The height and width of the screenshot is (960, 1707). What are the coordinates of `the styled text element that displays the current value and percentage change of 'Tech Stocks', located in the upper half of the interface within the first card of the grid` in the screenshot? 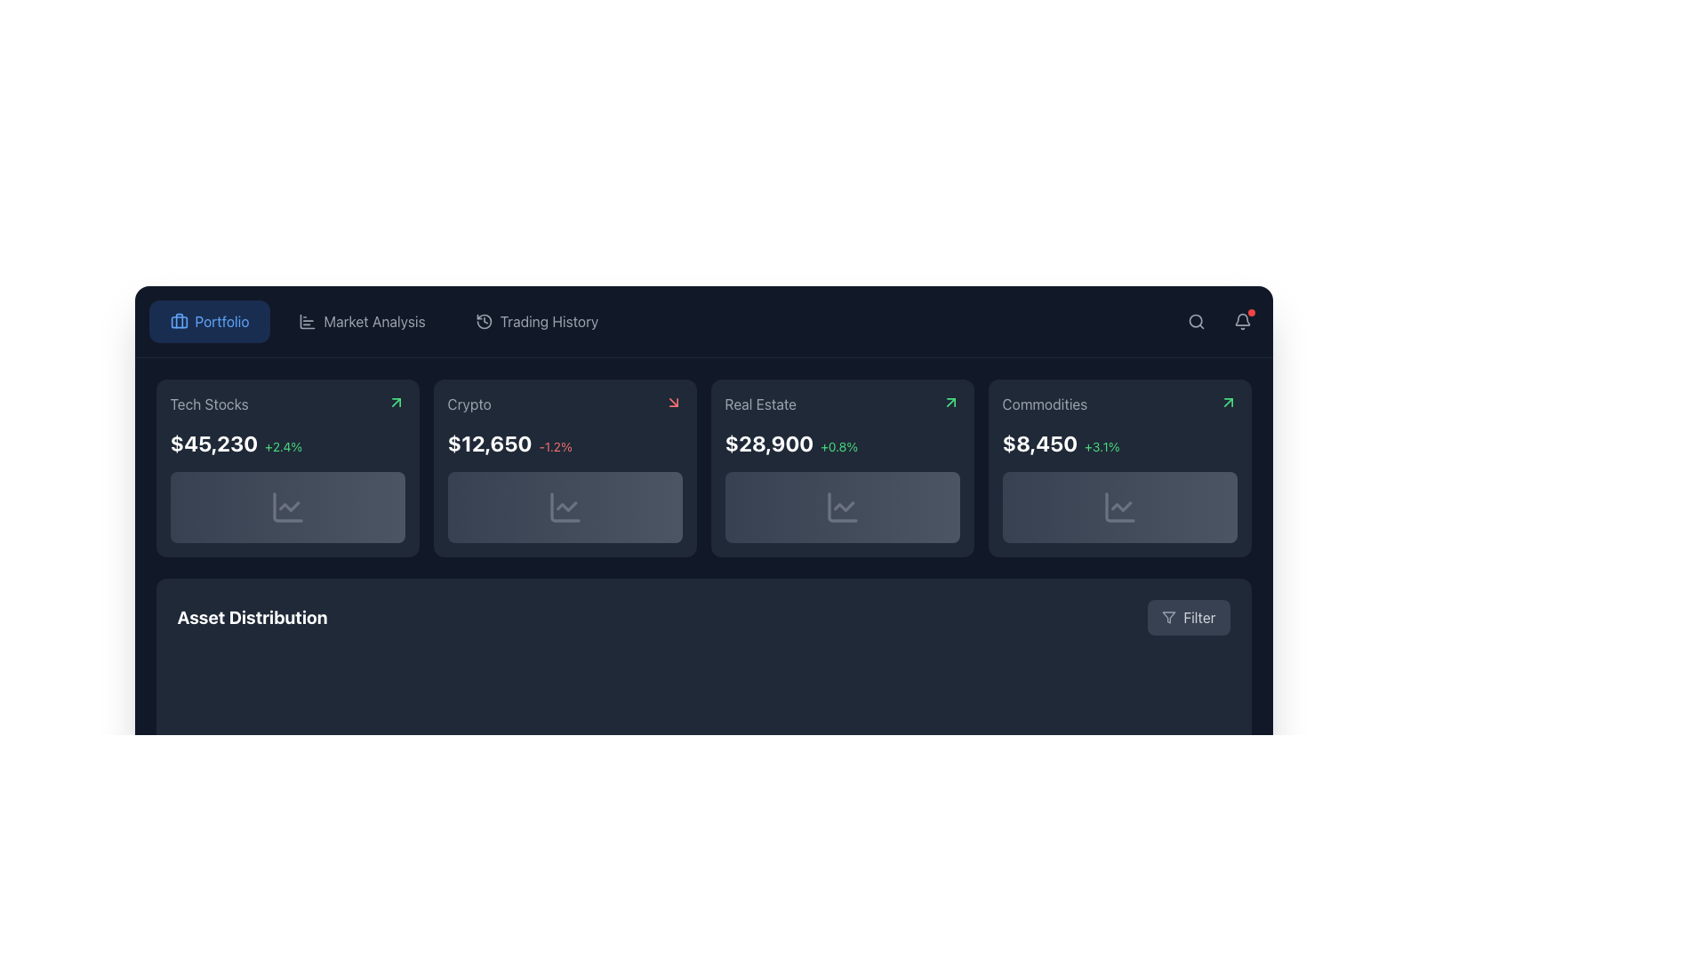 It's located at (287, 442).